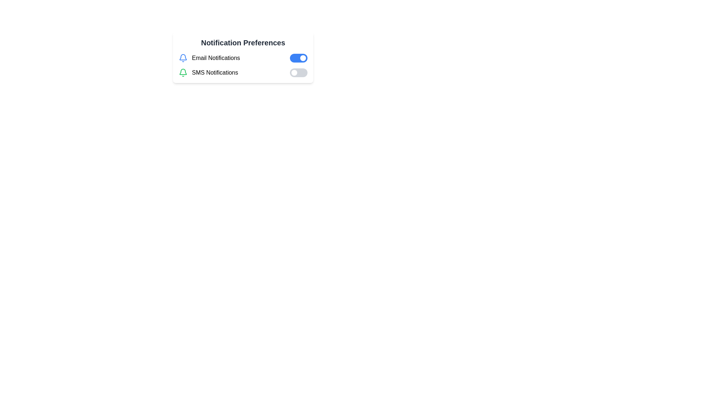 The image size is (702, 395). Describe the element at coordinates (298, 57) in the screenshot. I see `the toggle switch located at the right end of the row labeled 'Email Notifications' to change its position` at that location.